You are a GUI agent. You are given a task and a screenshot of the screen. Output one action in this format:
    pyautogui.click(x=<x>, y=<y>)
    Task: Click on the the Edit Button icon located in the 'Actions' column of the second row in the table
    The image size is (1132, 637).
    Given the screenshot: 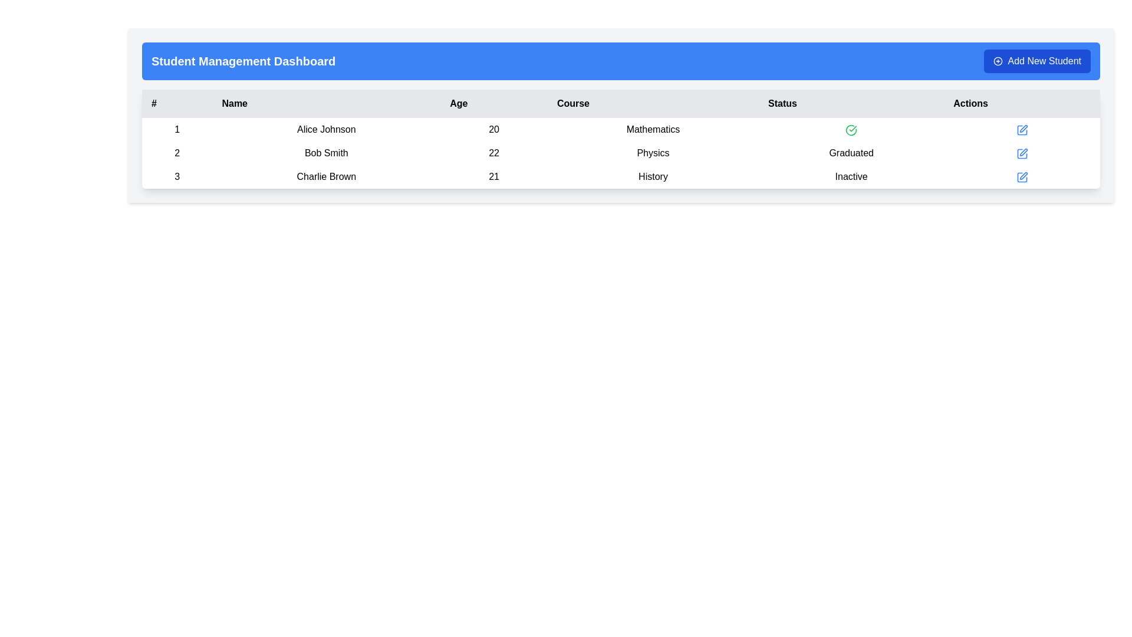 What is the action you would take?
    pyautogui.click(x=1021, y=153)
    